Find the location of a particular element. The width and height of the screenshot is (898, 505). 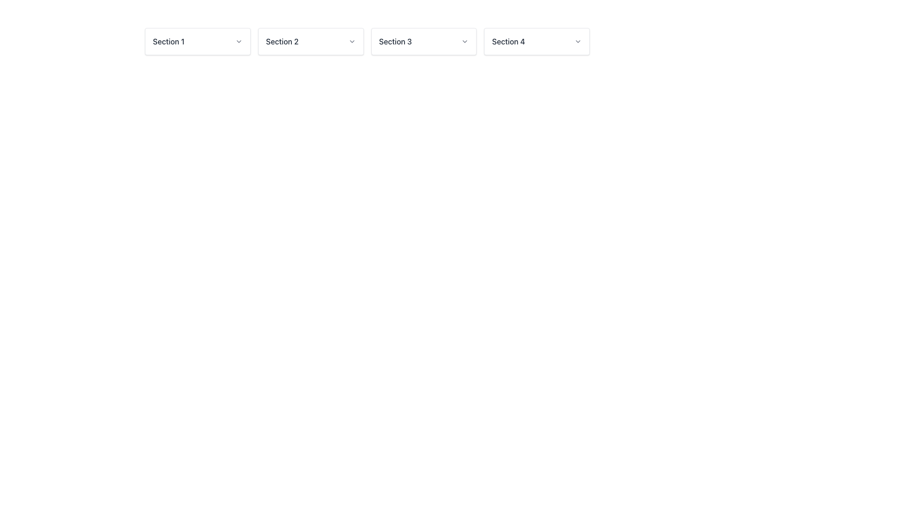

the button labeled 'Section 3' is located at coordinates (423, 41).